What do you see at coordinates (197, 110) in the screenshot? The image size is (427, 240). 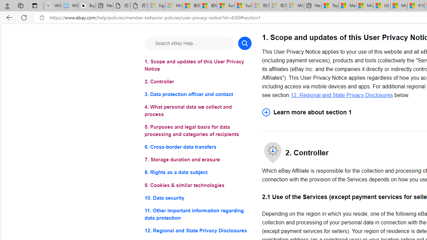 I see `'4. What personal data we collect and process'` at bounding box center [197, 110].